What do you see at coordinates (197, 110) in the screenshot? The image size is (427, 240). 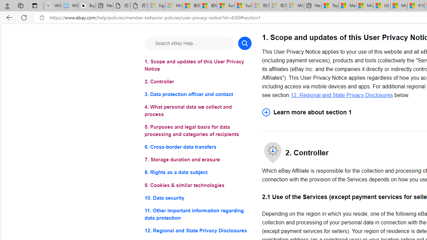 I see `'4. What personal data we collect and process'` at bounding box center [197, 110].